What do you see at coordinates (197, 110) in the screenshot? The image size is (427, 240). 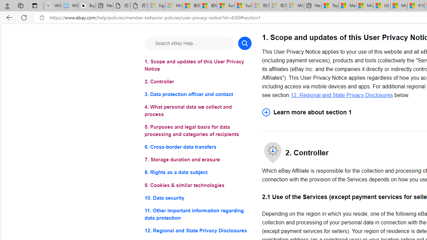 I see `'4. What personal data we collect and process'` at bounding box center [197, 110].